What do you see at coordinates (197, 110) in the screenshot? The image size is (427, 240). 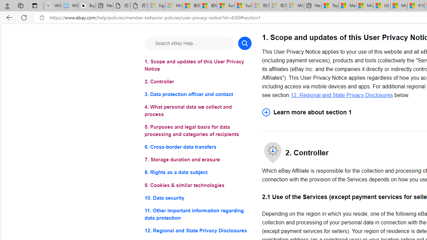 I see `'4. What personal data we collect and process'` at bounding box center [197, 110].